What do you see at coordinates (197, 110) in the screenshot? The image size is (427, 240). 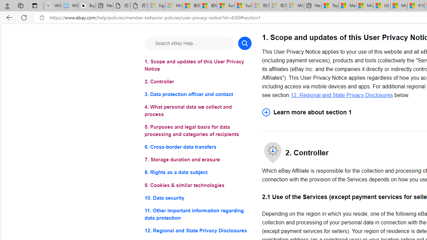 I see `'4. What personal data we collect and process'` at bounding box center [197, 110].